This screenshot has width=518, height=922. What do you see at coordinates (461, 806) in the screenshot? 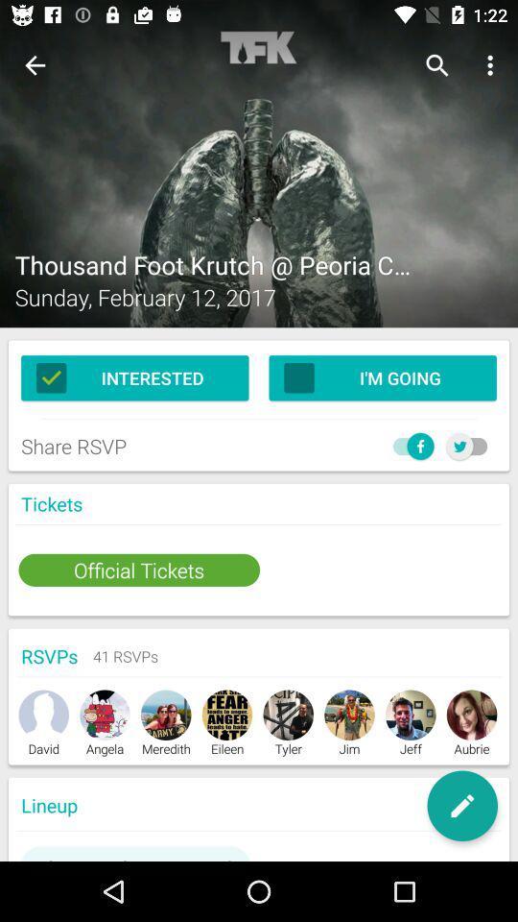
I see `the edit icon` at bounding box center [461, 806].